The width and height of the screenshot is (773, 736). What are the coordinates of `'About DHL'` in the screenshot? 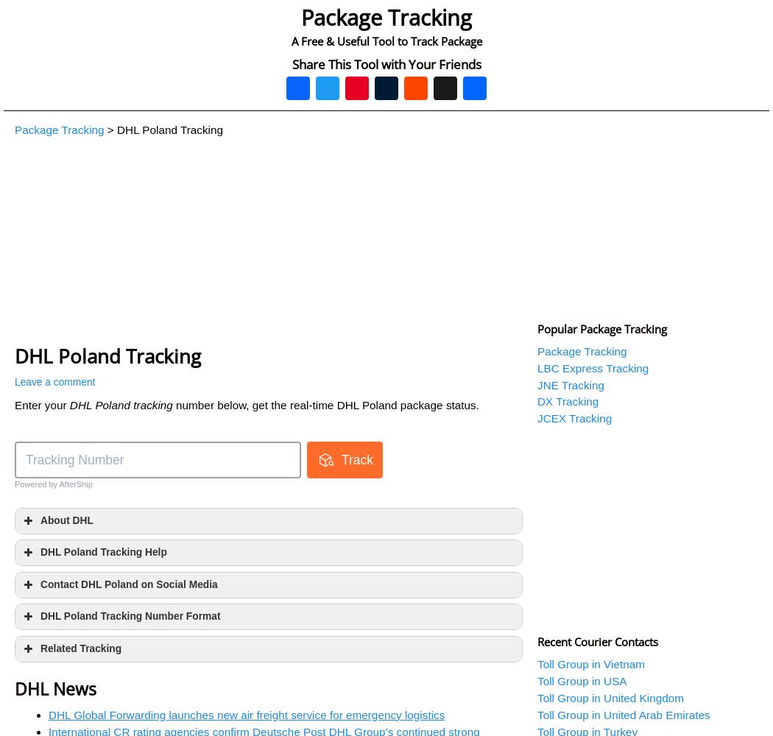 It's located at (66, 519).